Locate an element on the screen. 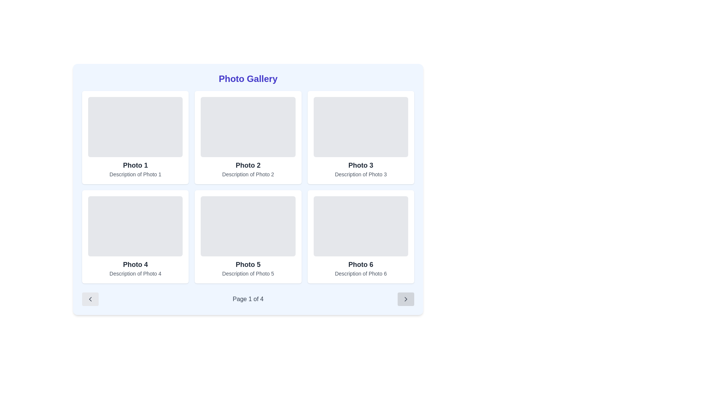 The image size is (723, 406). the disabled previous page icon located at the bottom-left of the photo gallery interface is located at coordinates (90, 298).